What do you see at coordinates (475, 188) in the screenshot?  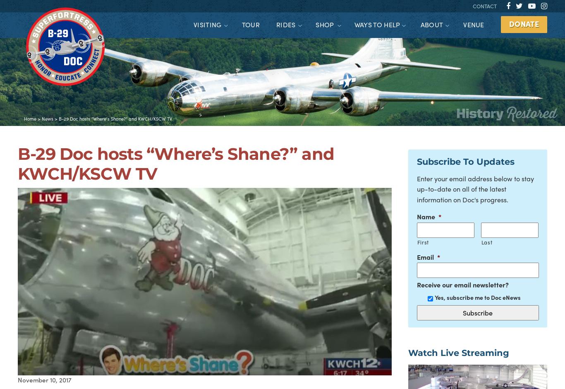 I see `'Enter your email address below to stay up-to-date on all of the latest information on Doc's progress.'` at bounding box center [475, 188].